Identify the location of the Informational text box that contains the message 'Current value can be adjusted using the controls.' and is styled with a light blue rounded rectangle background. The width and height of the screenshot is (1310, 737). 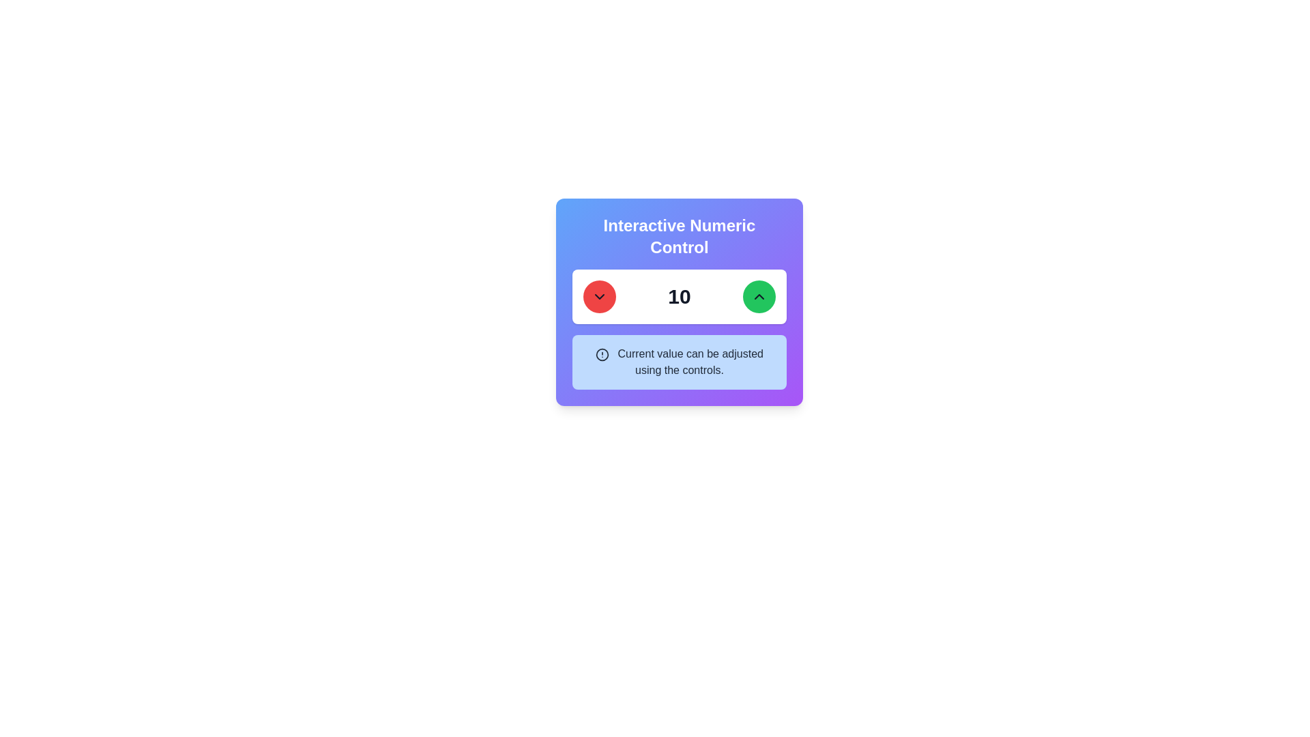
(680, 362).